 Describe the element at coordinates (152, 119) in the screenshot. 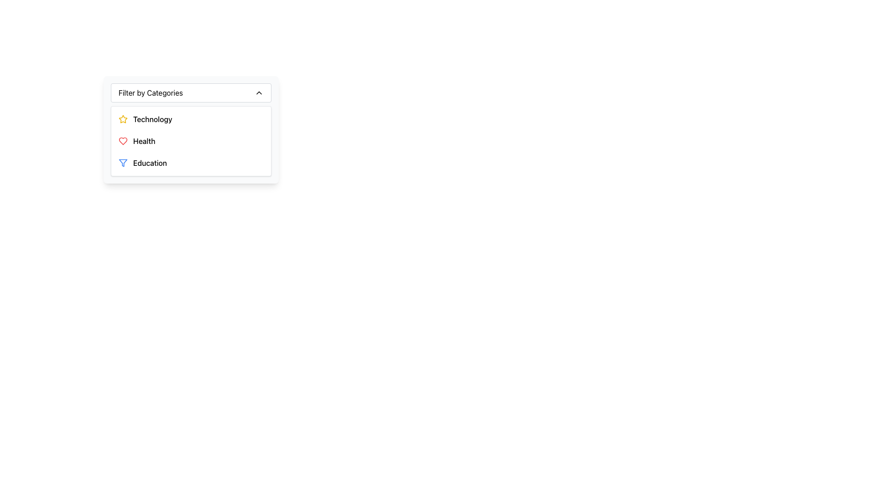

I see `the 'Technology' text label` at that location.